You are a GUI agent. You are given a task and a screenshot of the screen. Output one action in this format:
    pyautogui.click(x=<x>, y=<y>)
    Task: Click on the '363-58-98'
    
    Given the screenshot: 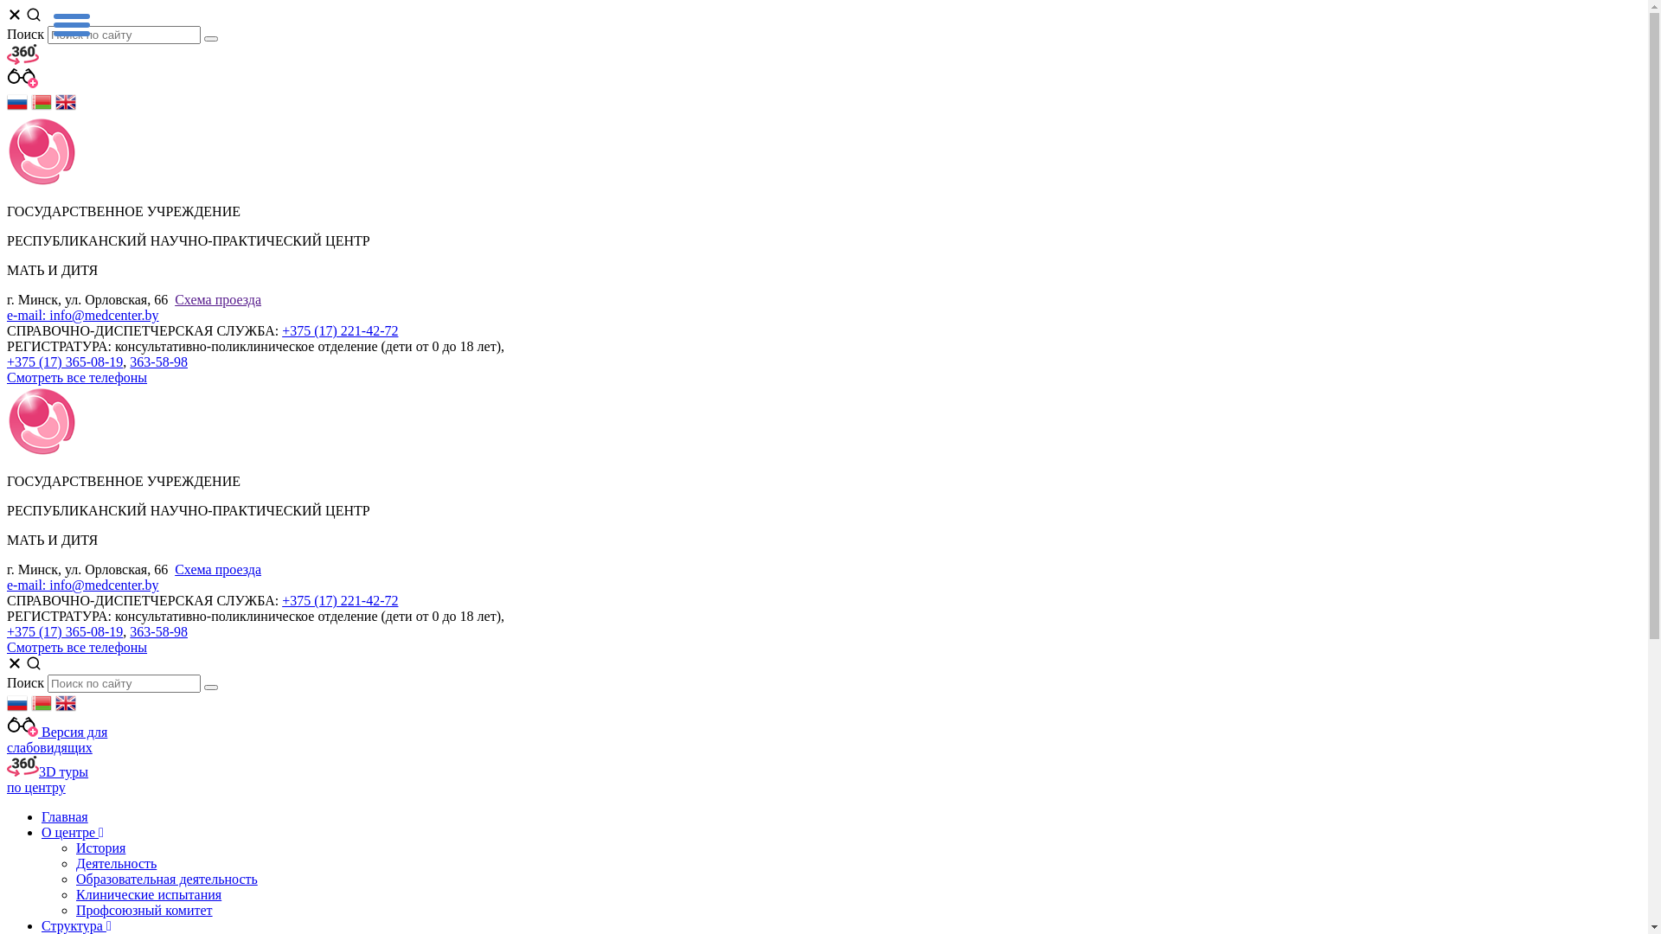 What is the action you would take?
    pyautogui.click(x=158, y=631)
    